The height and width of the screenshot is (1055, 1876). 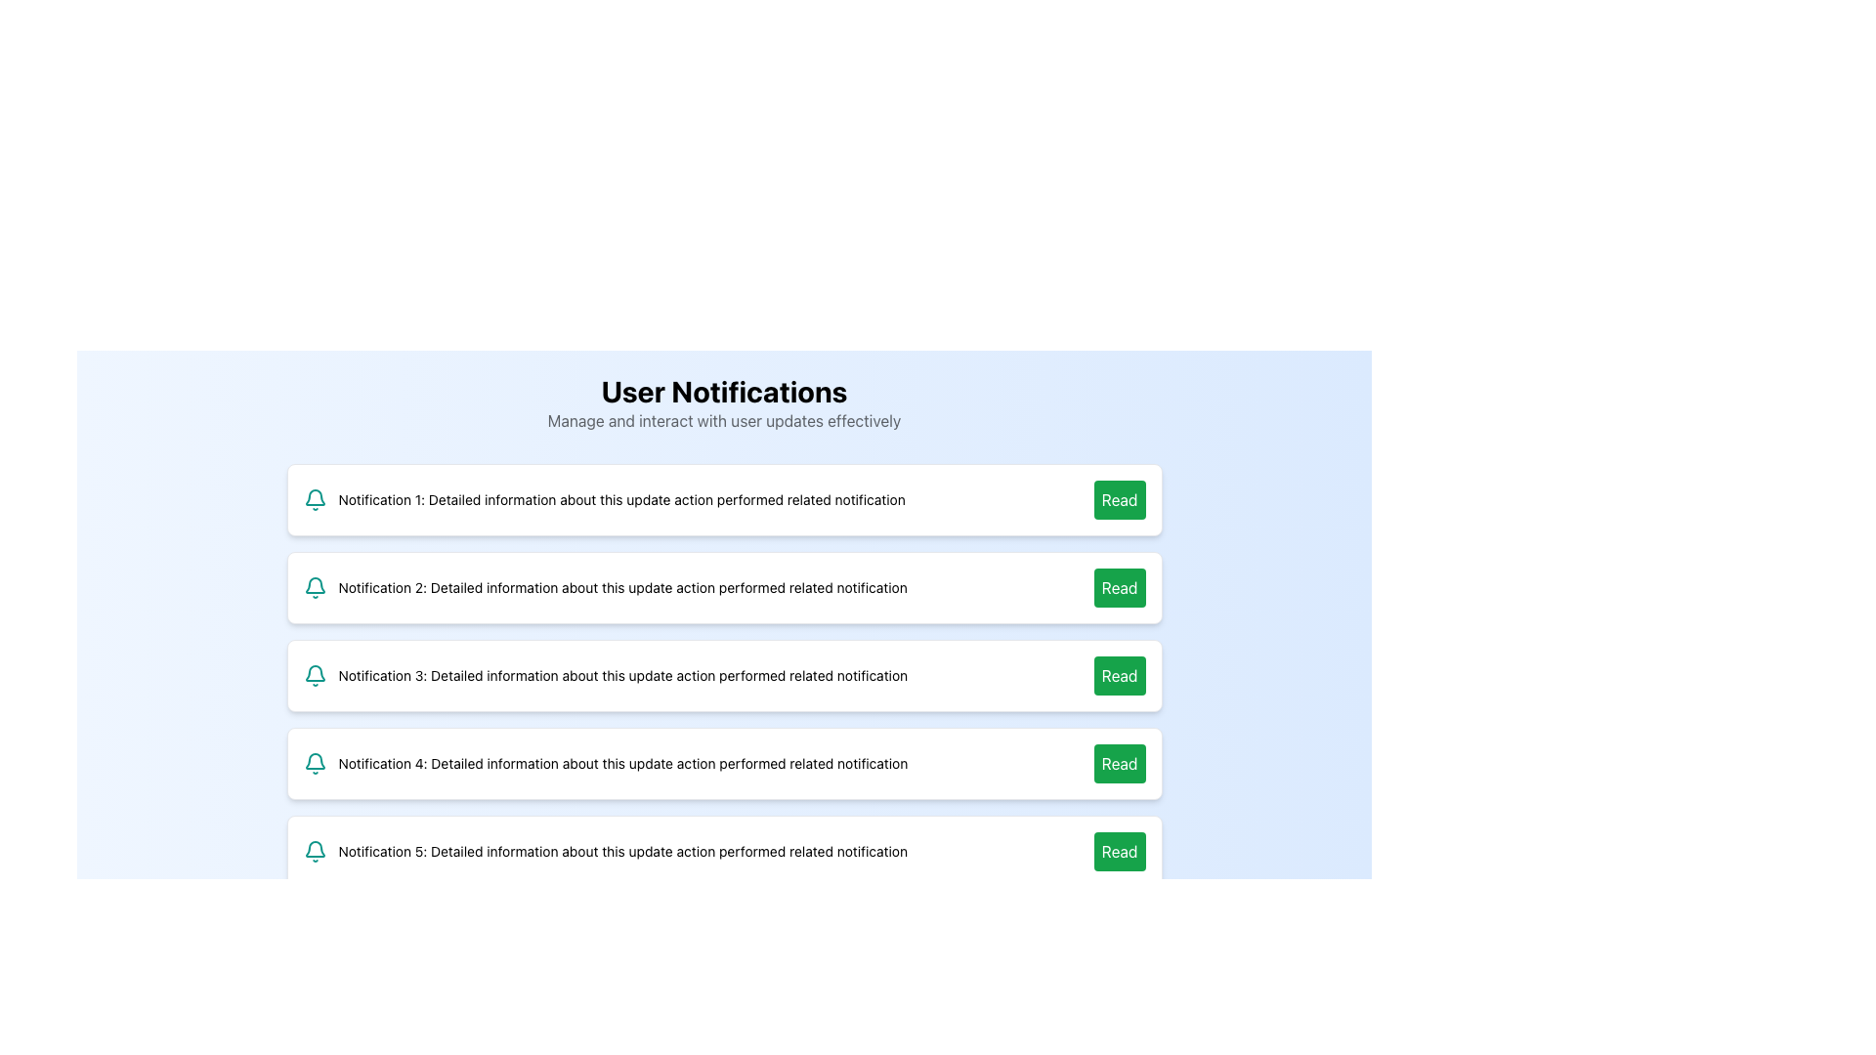 I want to click on the text element displaying the notification message 'Notification 4: Detailed information about this update action performed related notification', which is part of a notification row between a bell icon and a 'Read' button, so click(x=604, y=763).